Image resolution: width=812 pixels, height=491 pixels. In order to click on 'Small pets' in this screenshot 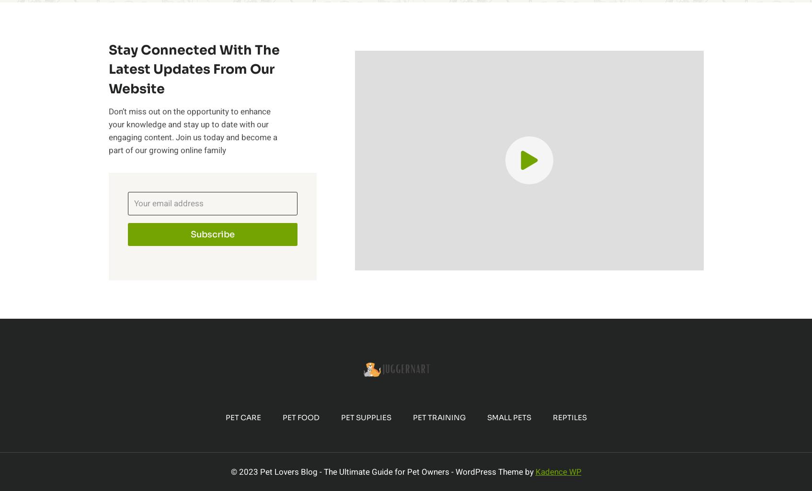, I will do `click(508, 417)`.